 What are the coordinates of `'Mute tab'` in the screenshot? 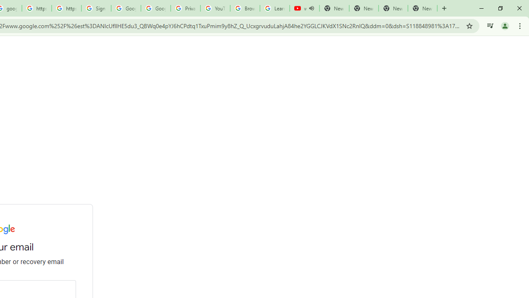 It's located at (311, 8).